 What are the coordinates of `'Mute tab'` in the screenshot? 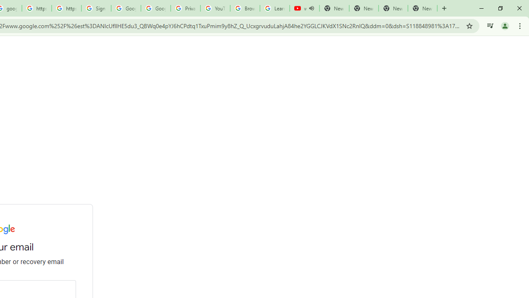 It's located at (311, 8).